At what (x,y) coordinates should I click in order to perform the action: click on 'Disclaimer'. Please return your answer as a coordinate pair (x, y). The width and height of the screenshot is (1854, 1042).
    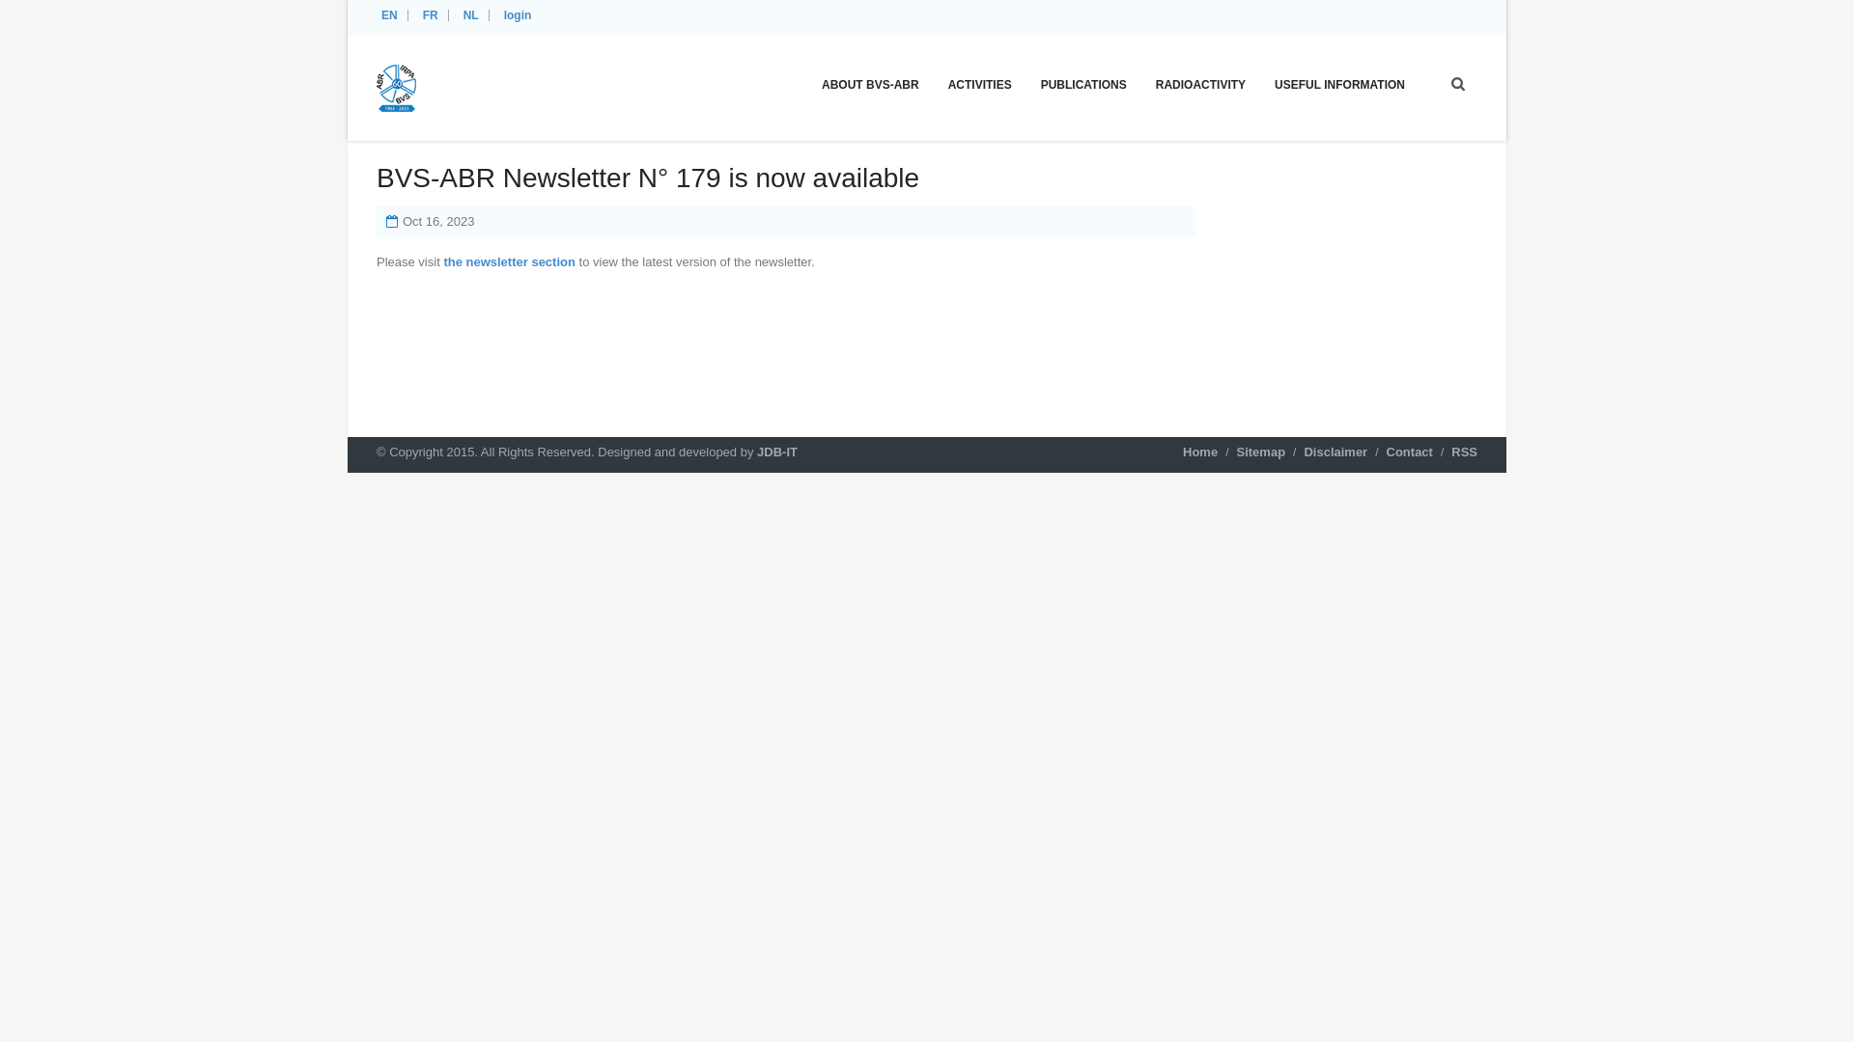
    Looking at the image, I should click on (1334, 452).